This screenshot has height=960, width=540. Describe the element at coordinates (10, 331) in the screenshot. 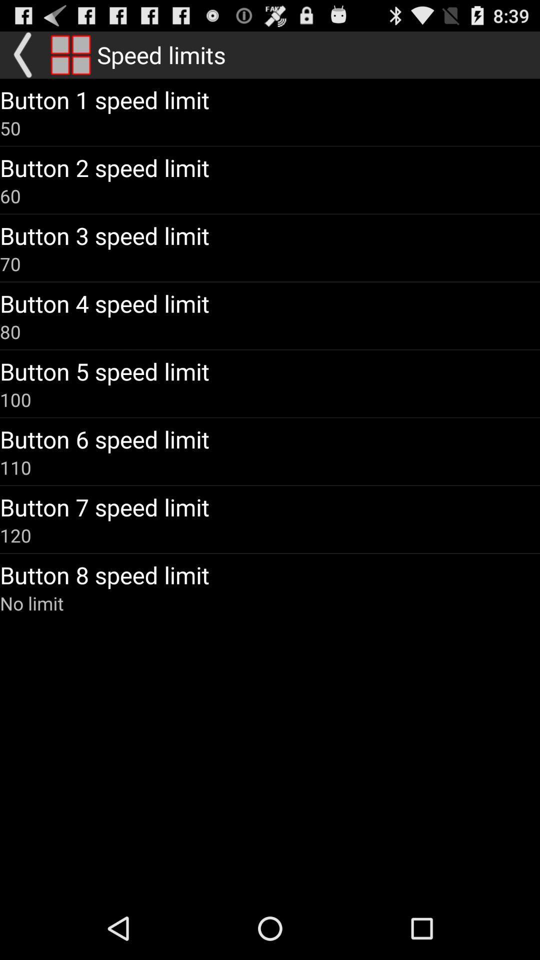

I see `the 80` at that location.